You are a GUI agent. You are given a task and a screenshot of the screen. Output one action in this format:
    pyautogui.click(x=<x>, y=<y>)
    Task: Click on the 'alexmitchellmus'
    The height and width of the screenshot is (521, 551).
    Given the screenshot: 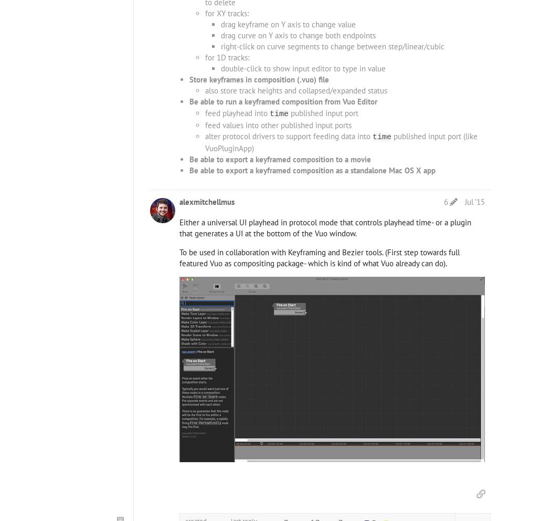 What is the action you would take?
    pyautogui.click(x=178, y=201)
    